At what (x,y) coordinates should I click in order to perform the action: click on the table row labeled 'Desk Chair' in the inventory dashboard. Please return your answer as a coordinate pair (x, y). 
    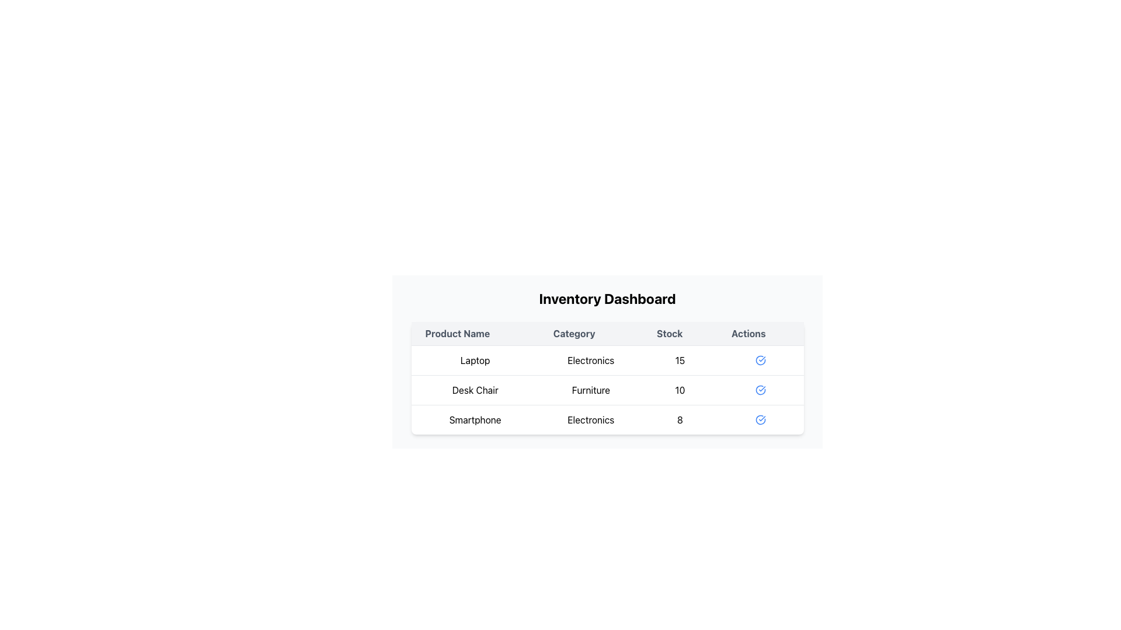
    Looking at the image, I should click on (607, 390).